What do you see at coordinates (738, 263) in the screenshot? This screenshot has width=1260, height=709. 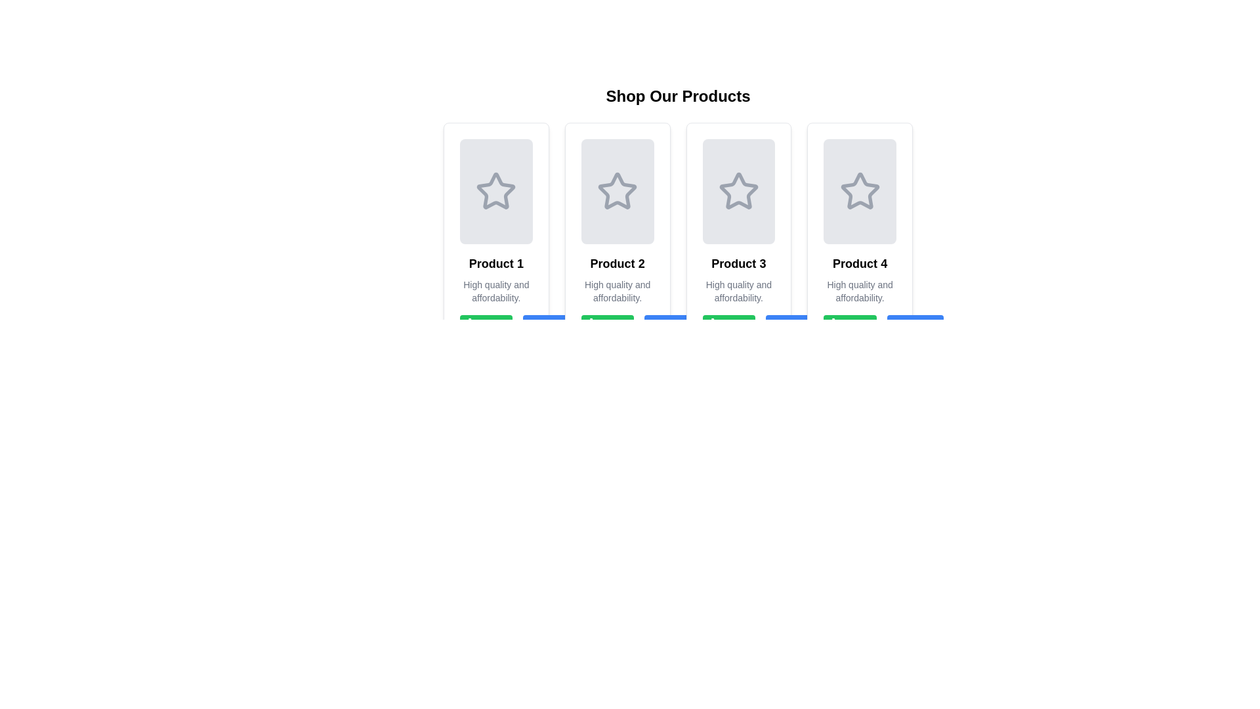 I see `the static text that serves as the title or identifier for the product in the third column of the product card layout, positioned below a star icon and above a description text reading 'High quality and affordability.'` at bounding box center [738, 263].